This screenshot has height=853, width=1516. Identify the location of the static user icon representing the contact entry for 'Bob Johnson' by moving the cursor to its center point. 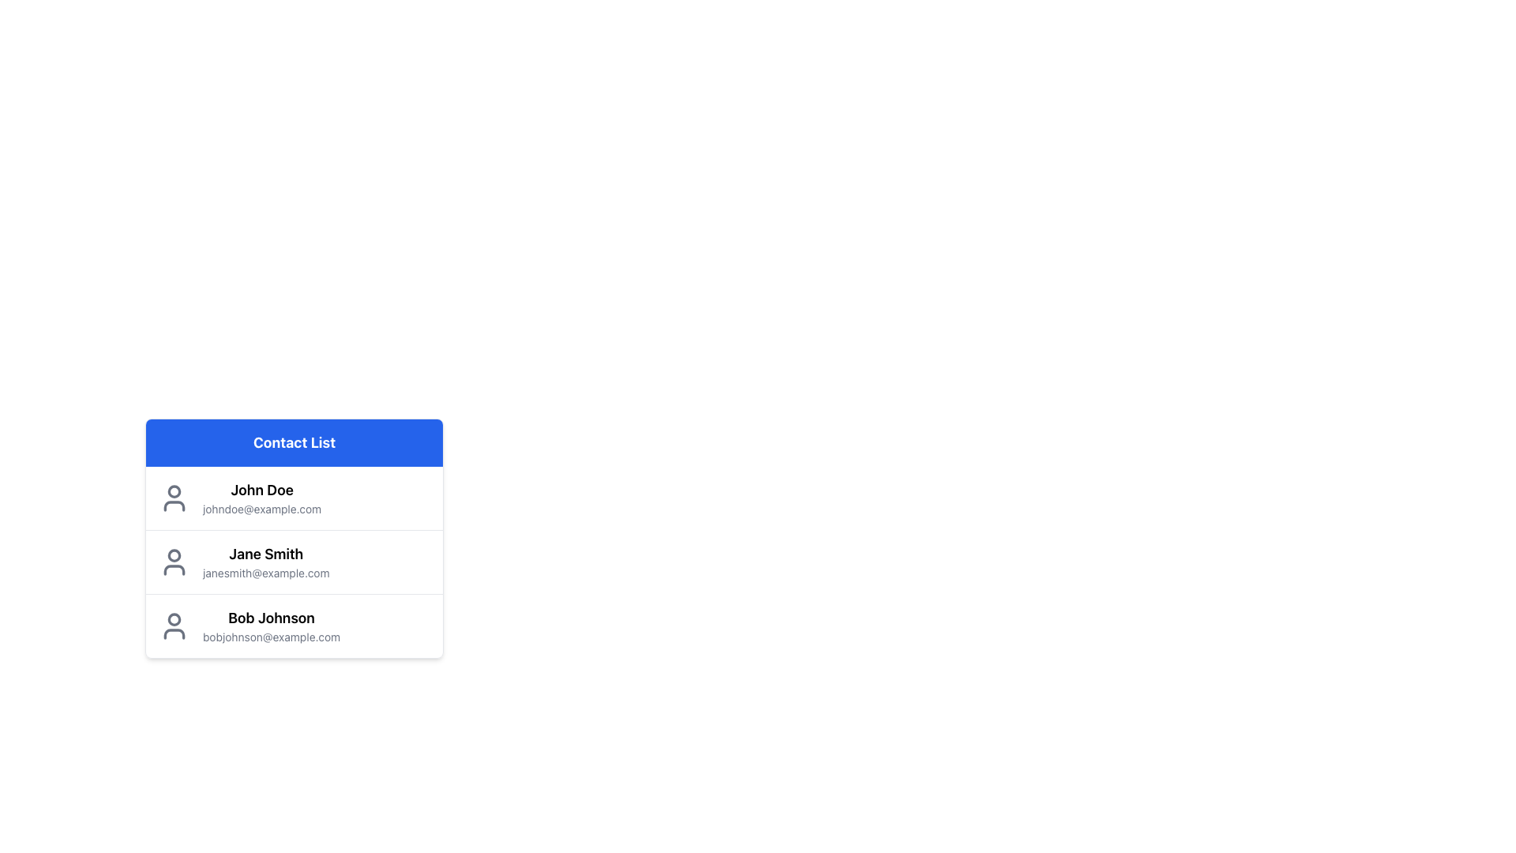
(174, 626).